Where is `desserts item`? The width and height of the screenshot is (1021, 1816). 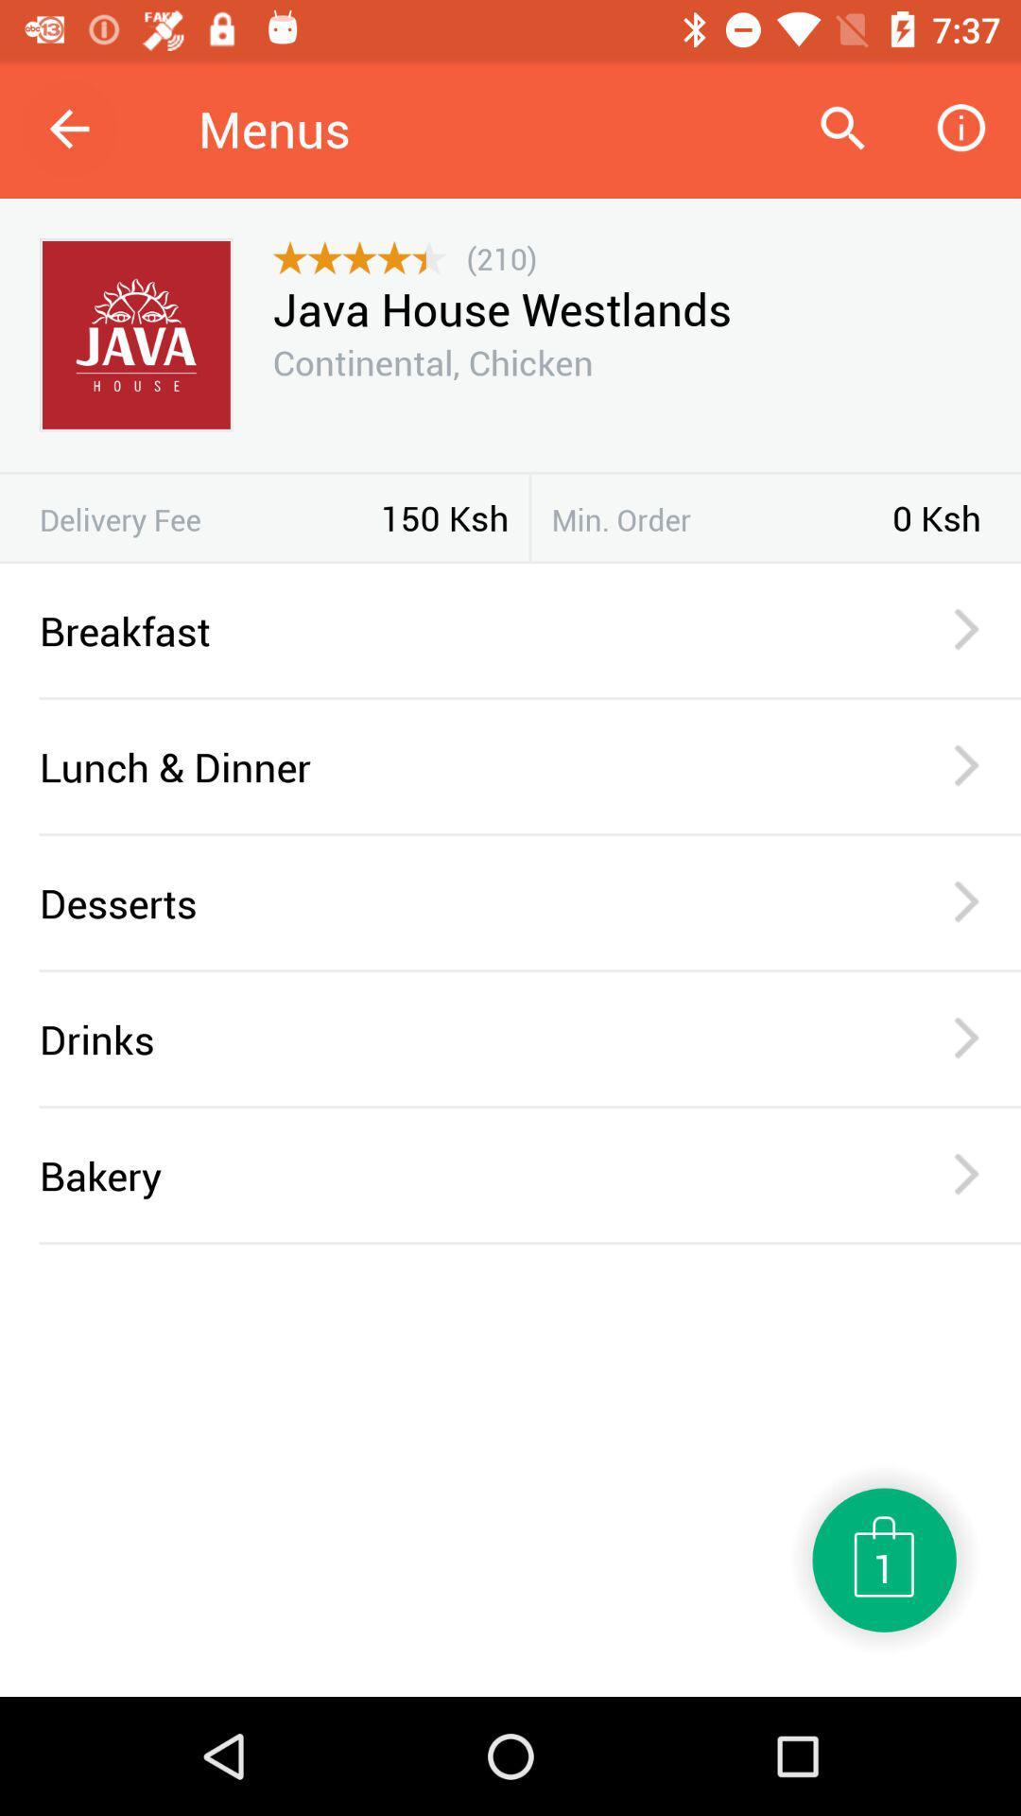 desserts item is located at coordinates (456, 901).